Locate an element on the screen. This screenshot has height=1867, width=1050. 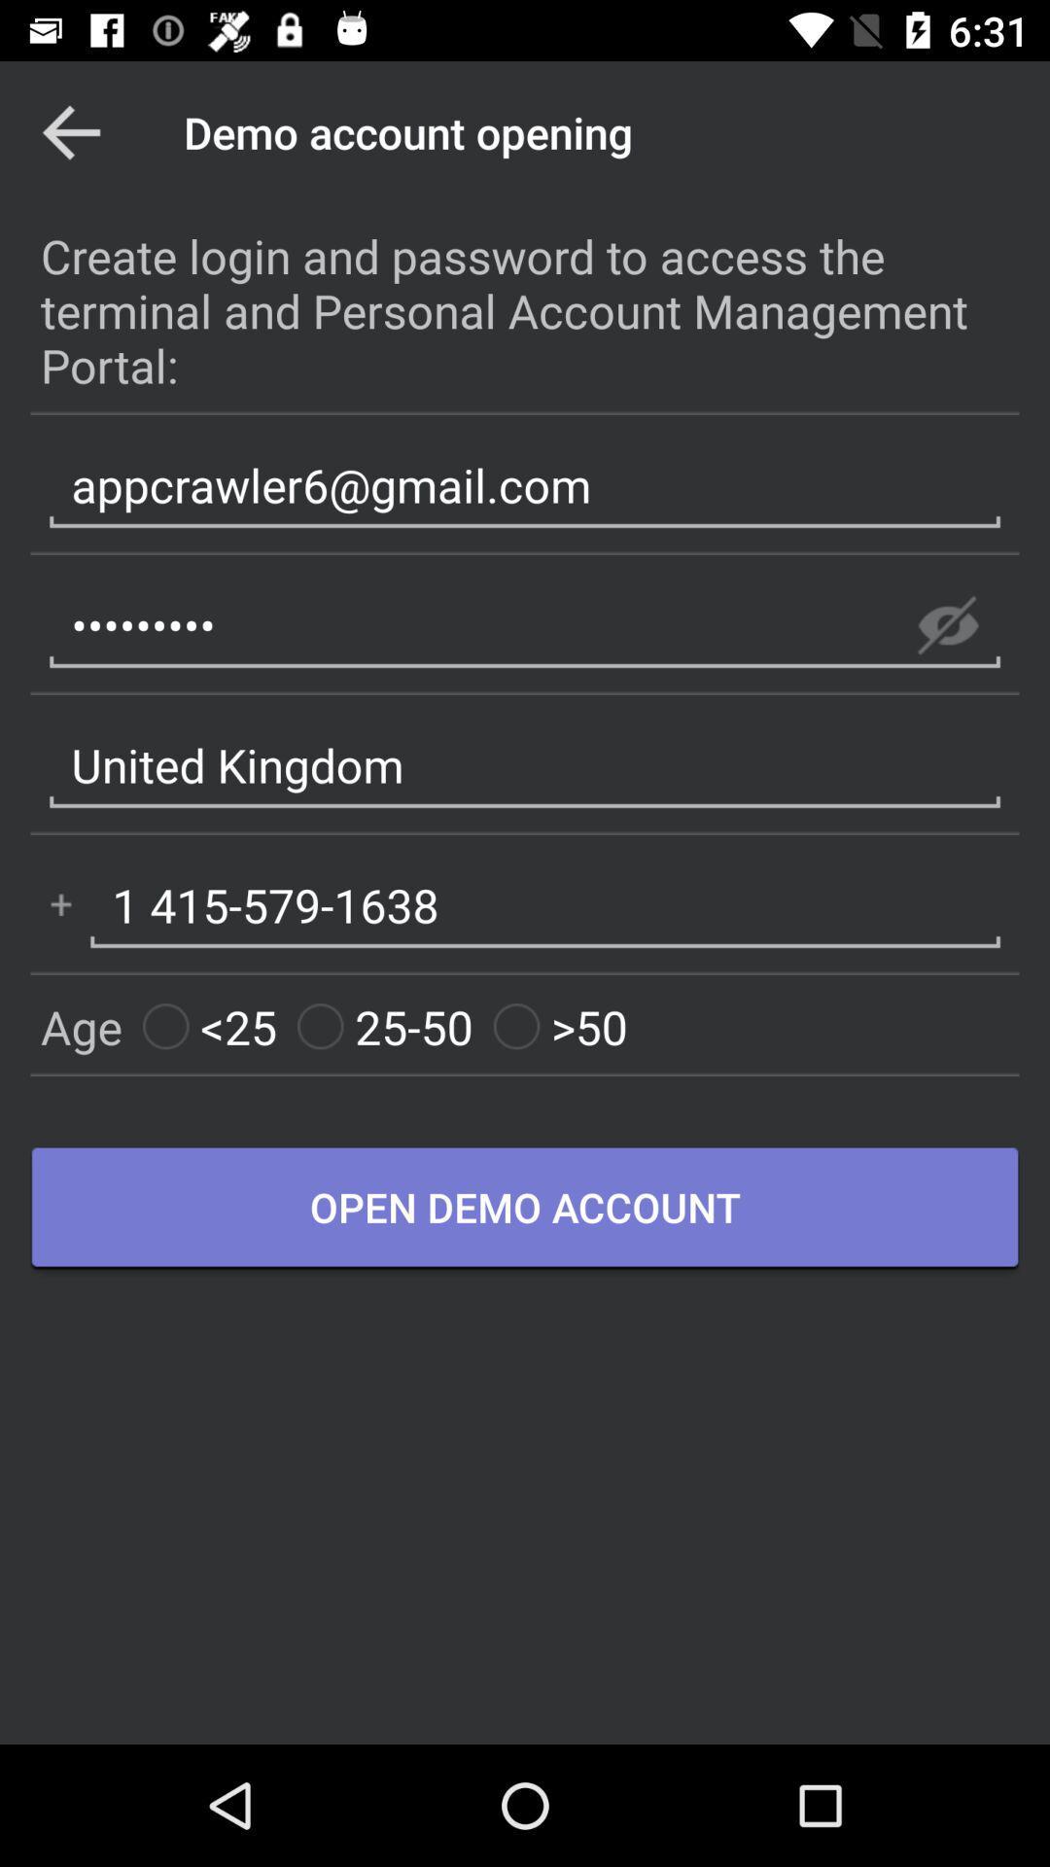
show password option is located at coordinates (947, 625).